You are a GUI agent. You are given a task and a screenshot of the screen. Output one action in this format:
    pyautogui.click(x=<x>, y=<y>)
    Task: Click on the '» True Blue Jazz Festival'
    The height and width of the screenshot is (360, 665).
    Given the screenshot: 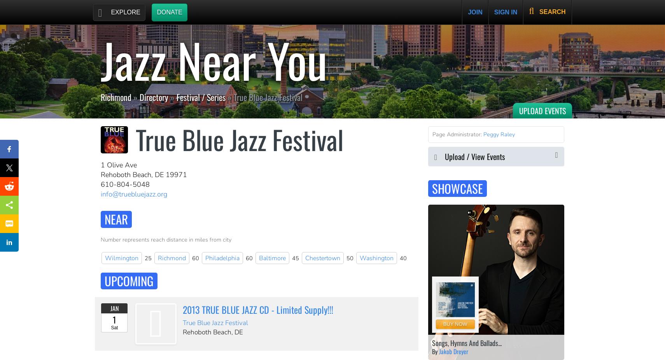 What is the action you would take?
    pyautogui.click(x=264, y=96)
    